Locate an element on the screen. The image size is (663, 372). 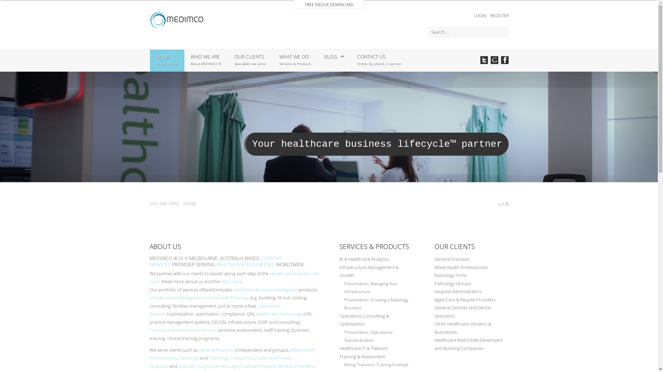
'Training and Assessment Services' is located at coordinates (183, 329).